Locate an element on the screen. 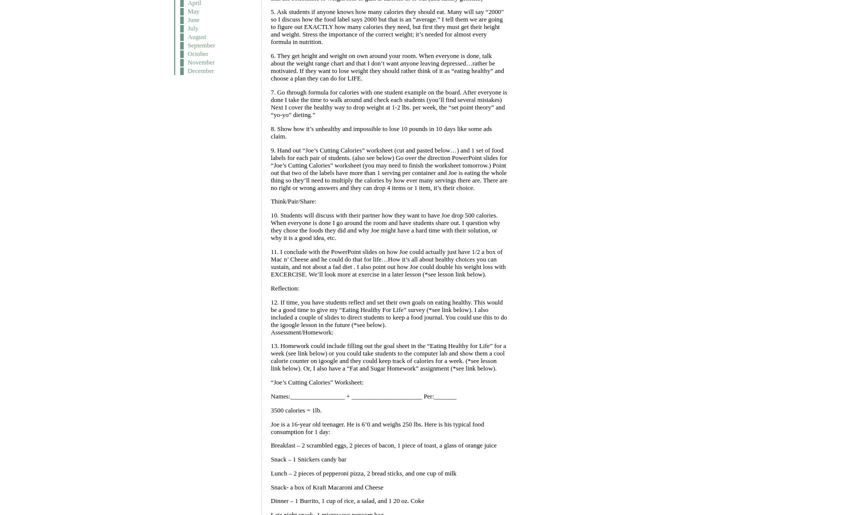 The width and height of the screenshot is (851, 515). 'Reflection:' is located at coordinates (284, 287).